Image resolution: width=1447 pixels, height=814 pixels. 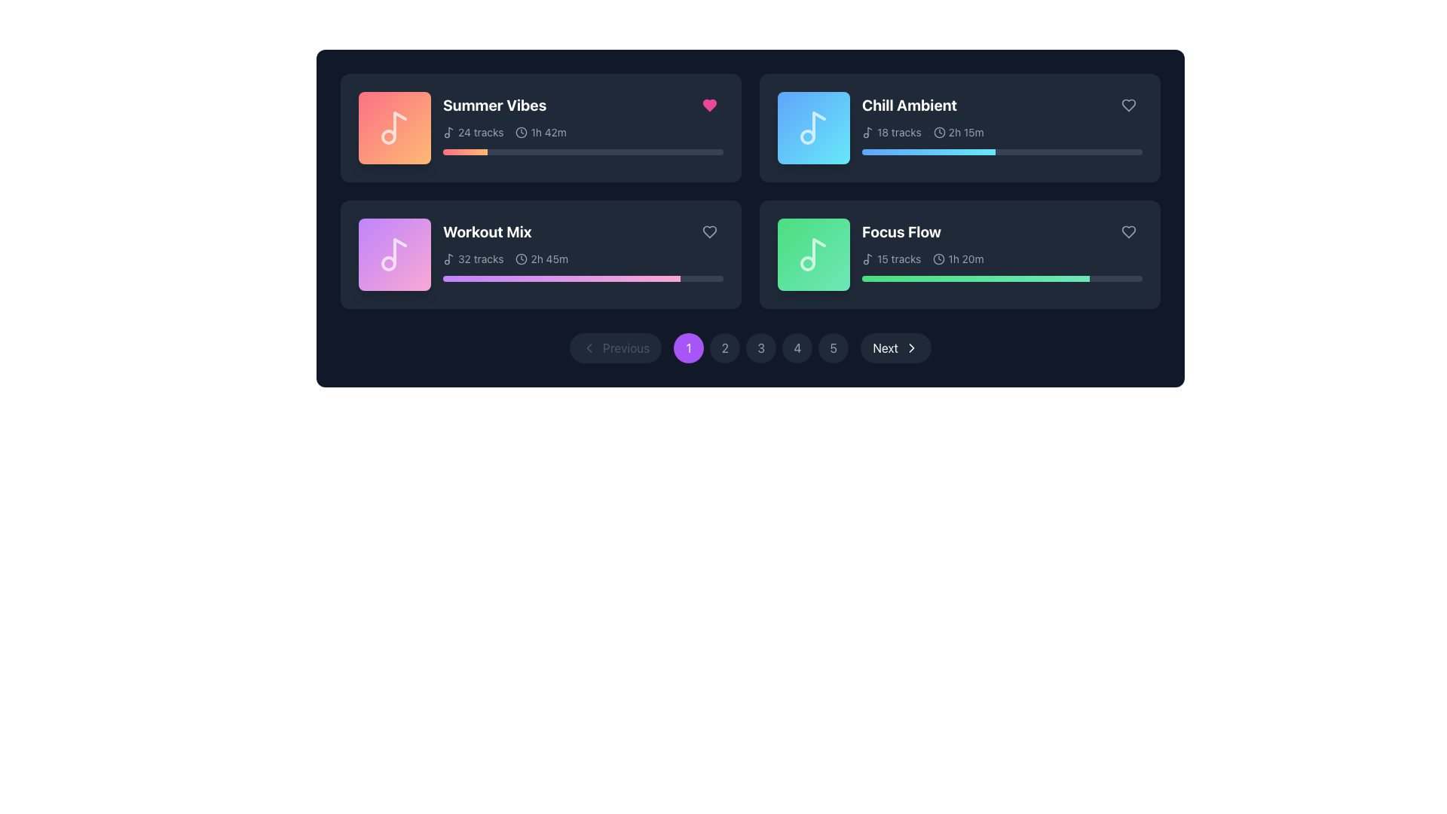 I want to click on the heart icon button located in the top-right corner of the 'Chill Ambient' section to like or favorite the item, so click(x=1128, y=104).